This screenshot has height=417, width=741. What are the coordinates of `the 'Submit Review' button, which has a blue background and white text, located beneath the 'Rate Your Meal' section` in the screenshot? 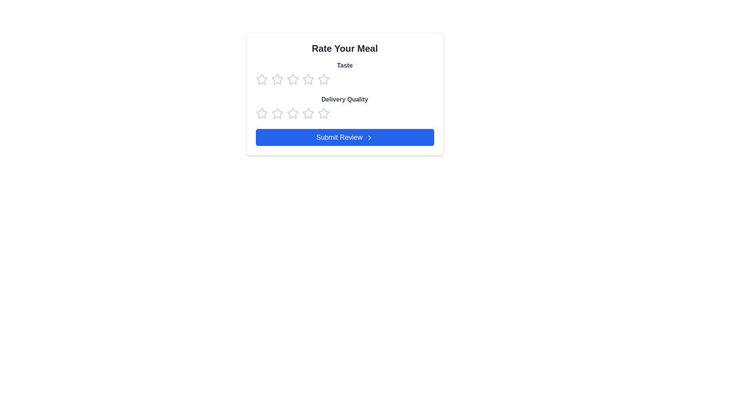 It's located at (344, 137).